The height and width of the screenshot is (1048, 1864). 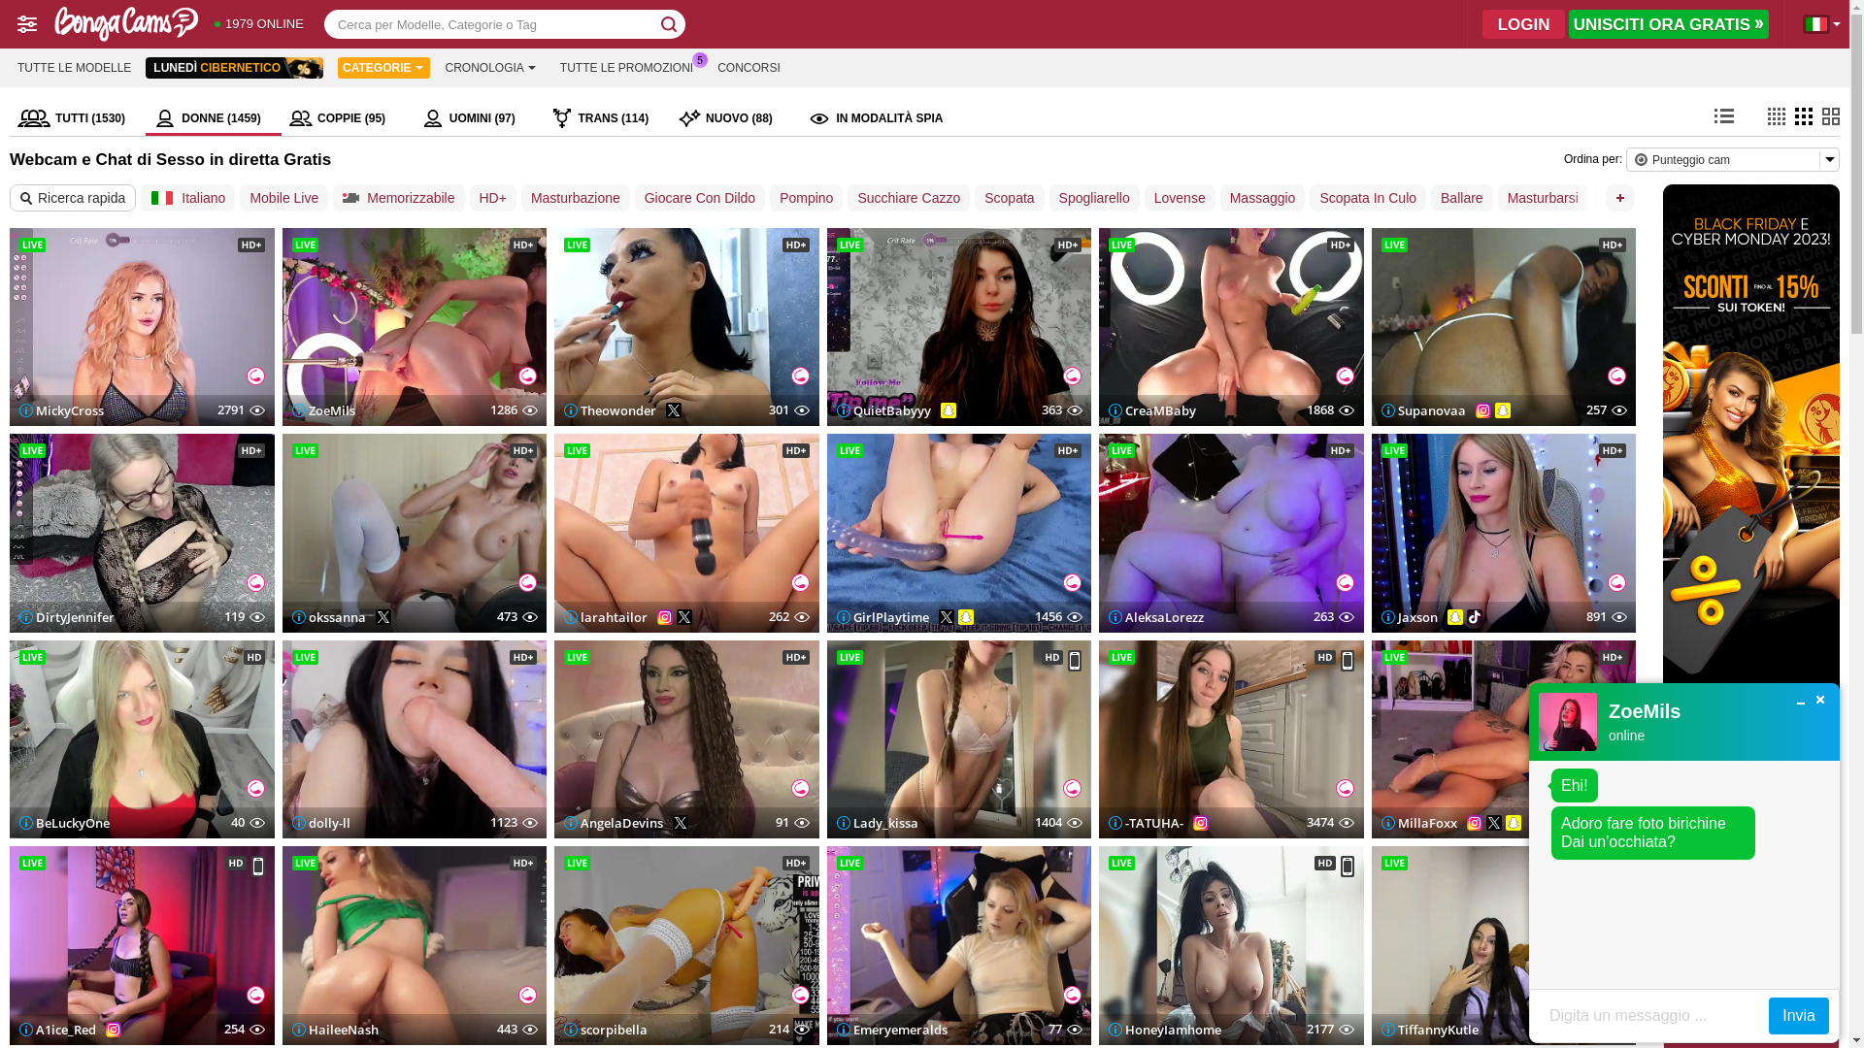 What do you see at coordinates (609, 409) in the screenshot?
I see `'Theowonder'` at bounding box center [609, 409].